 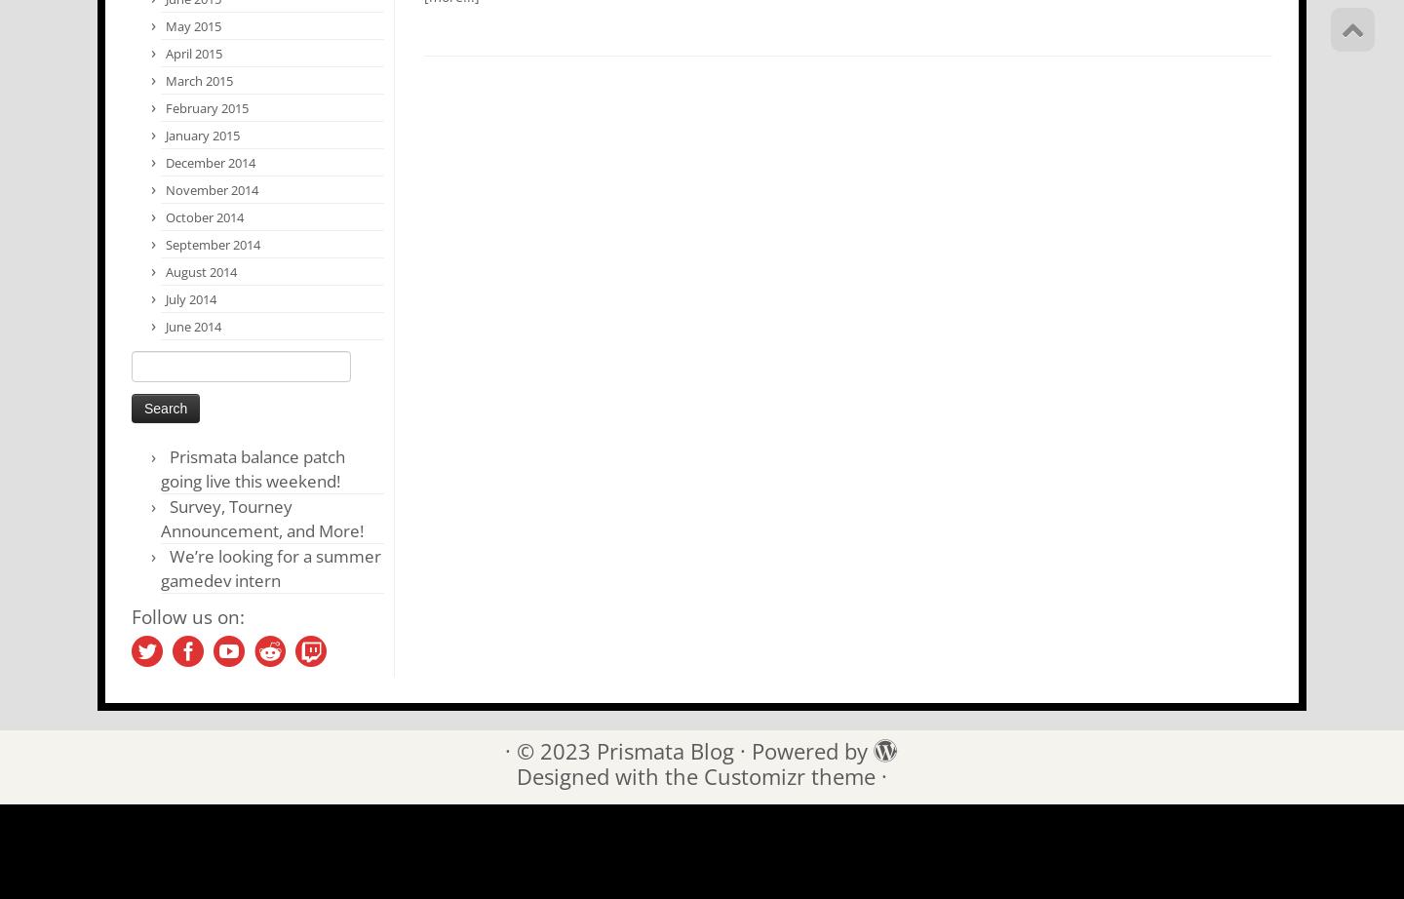 What do you see at coordinates (212, 190) in the screenshot?
I see `'November 2014'` at bounding box center [212, 190].